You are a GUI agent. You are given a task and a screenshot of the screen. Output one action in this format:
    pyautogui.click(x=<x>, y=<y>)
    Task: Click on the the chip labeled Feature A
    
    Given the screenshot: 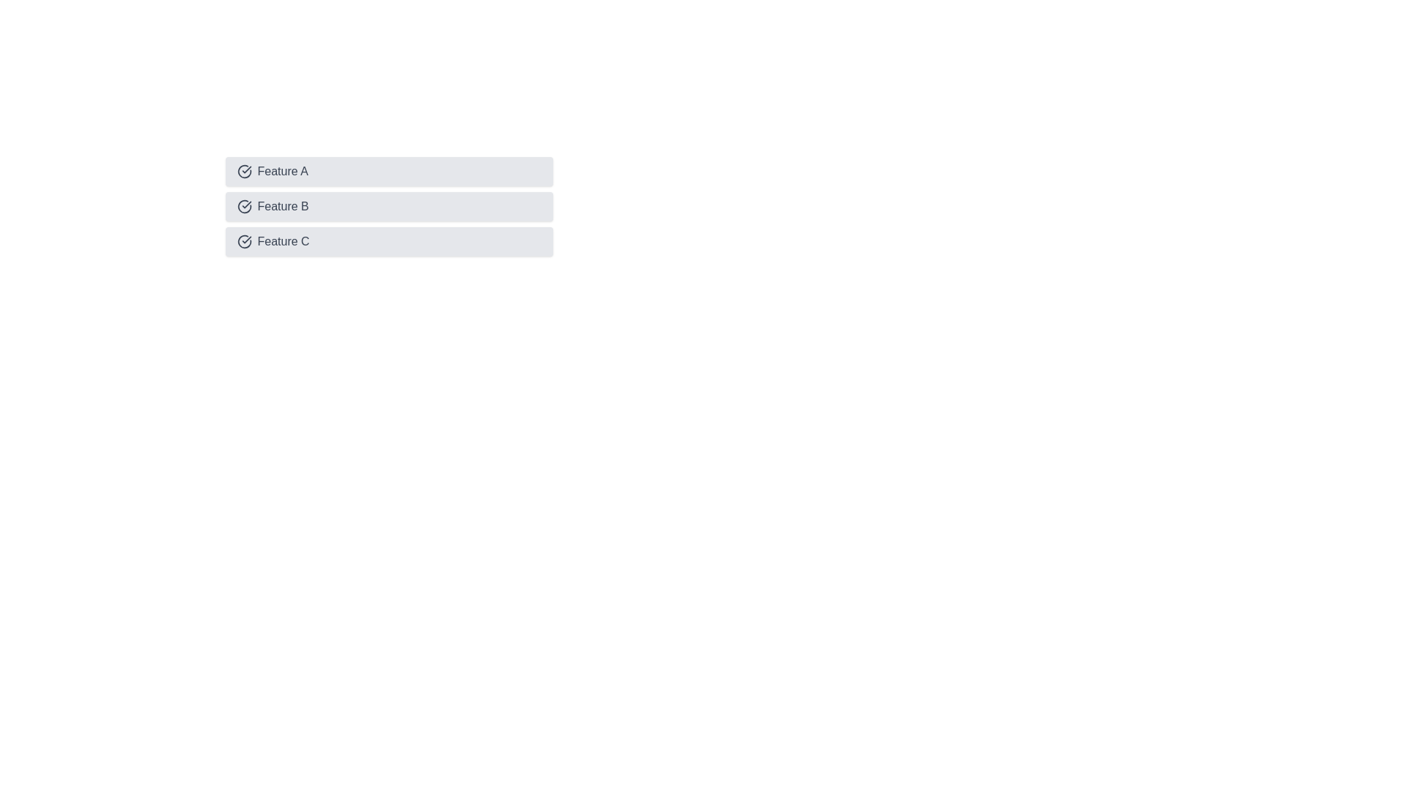 What is the action you would take?
    pyautogui.click(x=389, y=171)
    